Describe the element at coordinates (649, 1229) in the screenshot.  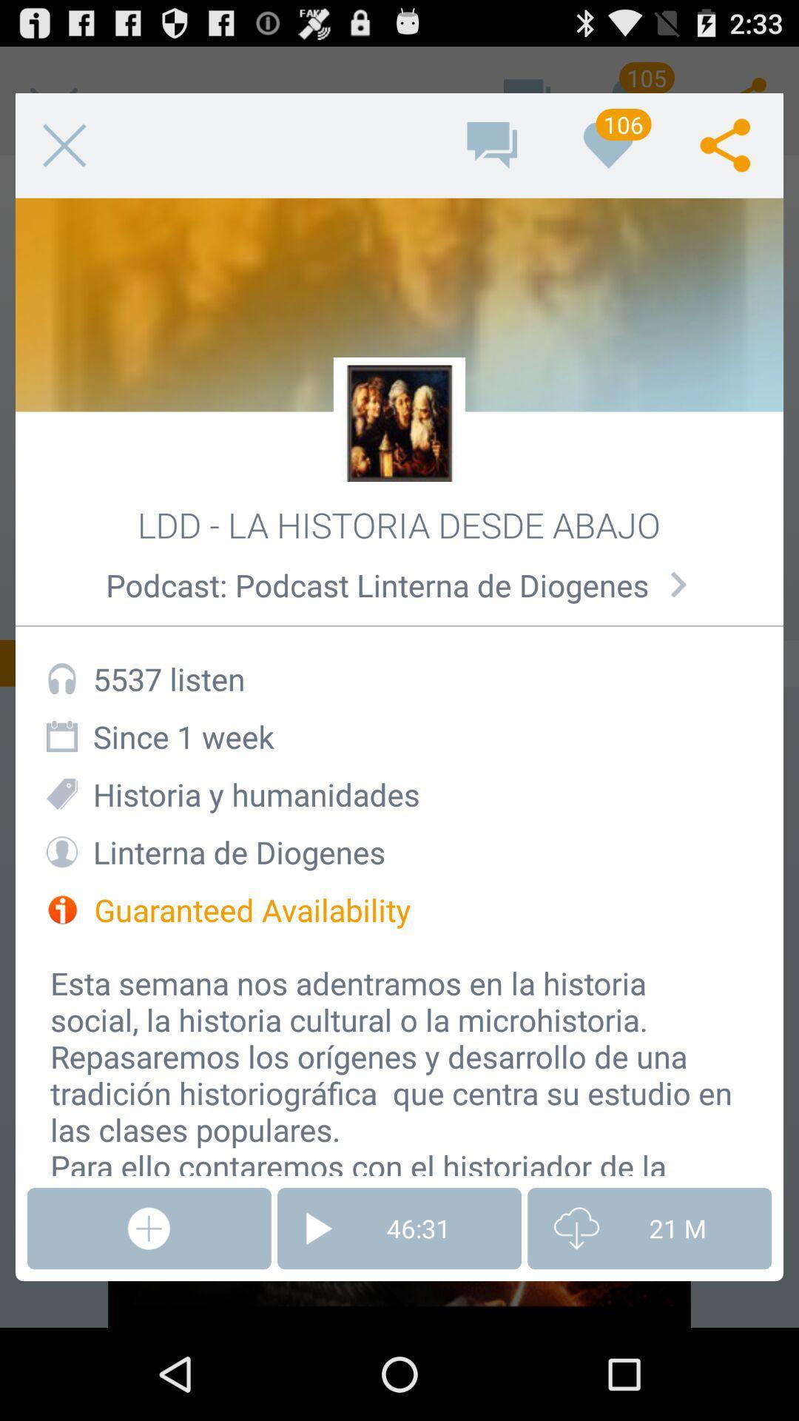
I see `the icon to the right of 46:31` at that location.